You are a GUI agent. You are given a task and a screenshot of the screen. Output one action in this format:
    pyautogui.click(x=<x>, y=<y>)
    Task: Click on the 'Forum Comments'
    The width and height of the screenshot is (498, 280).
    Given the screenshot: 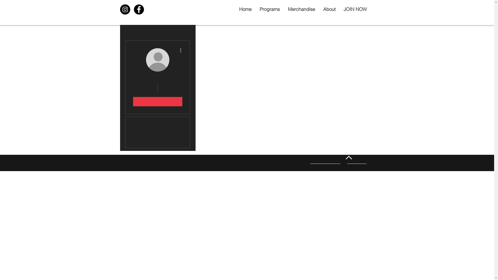 What is the action you would take?
    pyautogui.click(x=157, y=143)
    